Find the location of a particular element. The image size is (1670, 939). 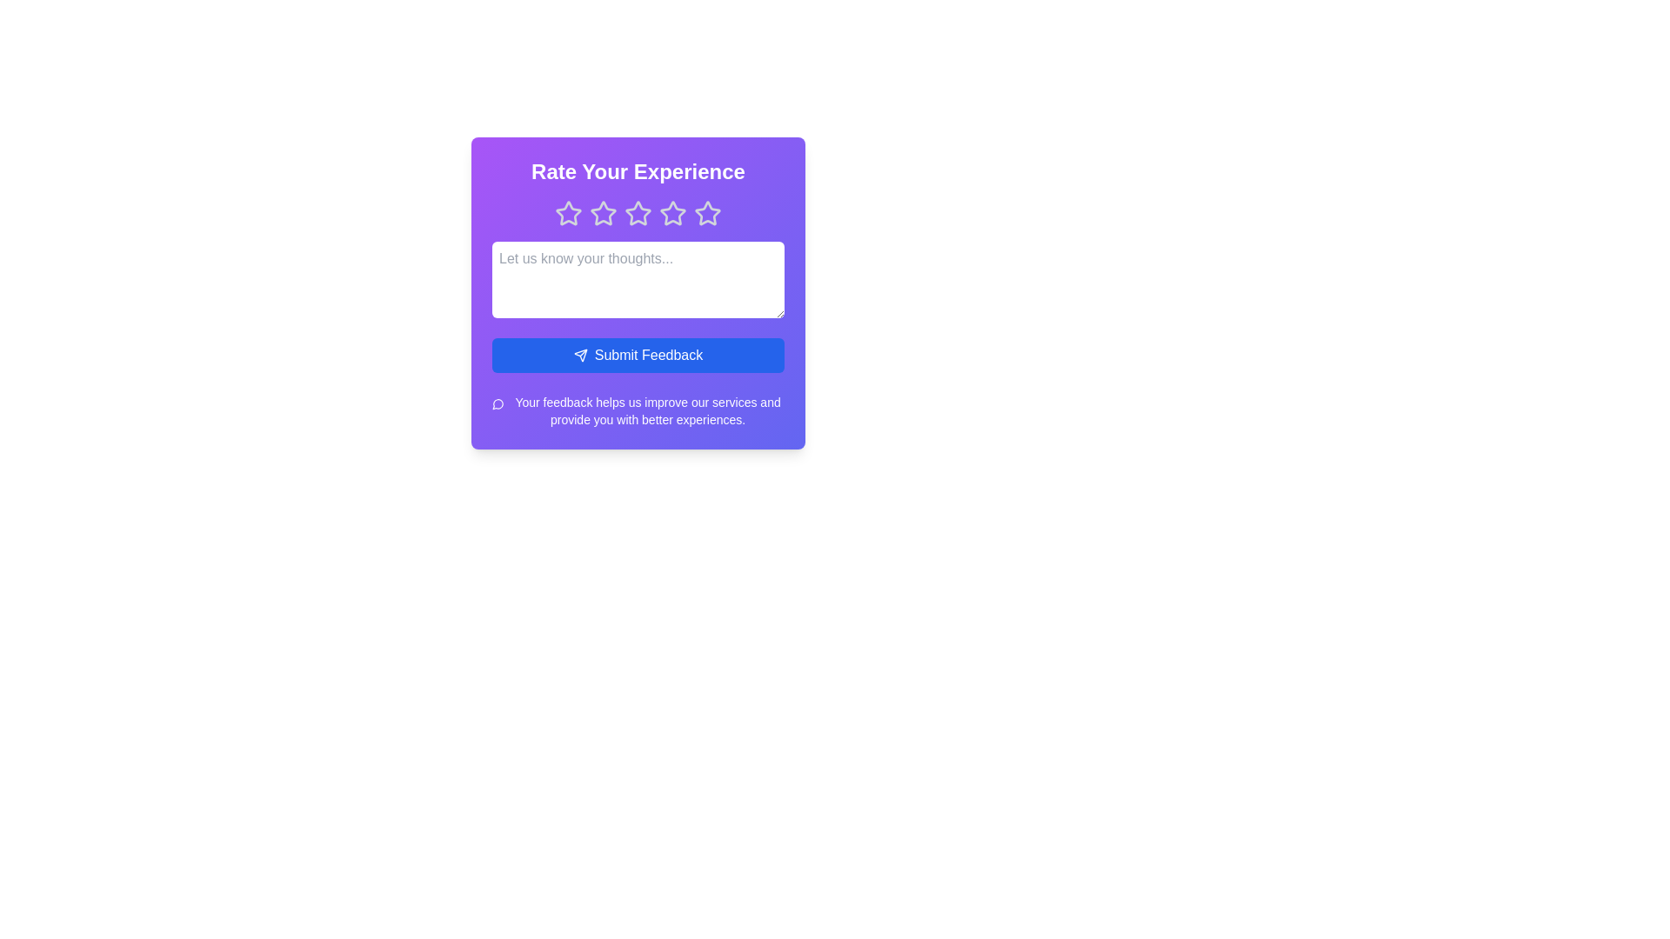

rectangular blue button labeled 'Submit Feedback' with a paper plane icon for accessibility or styling is located at coordinates (638, 354).